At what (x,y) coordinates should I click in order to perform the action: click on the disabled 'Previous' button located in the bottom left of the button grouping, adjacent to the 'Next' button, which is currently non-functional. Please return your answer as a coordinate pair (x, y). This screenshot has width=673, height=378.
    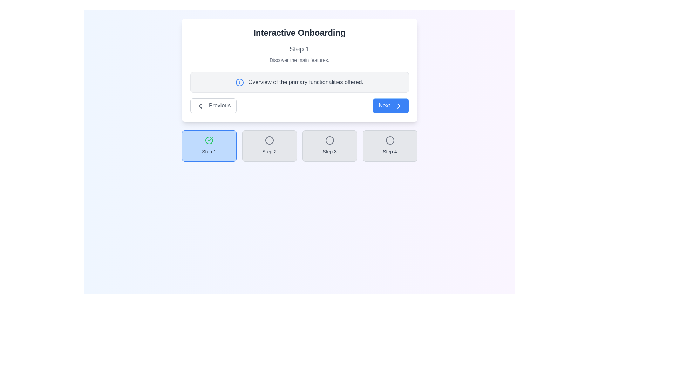
    Looking at the image, I should click on (213, 106).